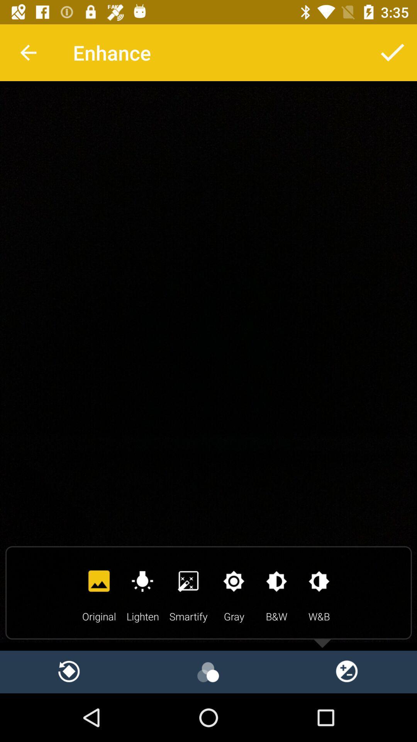 This screenshot has height=742, width=417. Describe the element at coordinates (208, 671) in the screenshot. I see `play` at that location.